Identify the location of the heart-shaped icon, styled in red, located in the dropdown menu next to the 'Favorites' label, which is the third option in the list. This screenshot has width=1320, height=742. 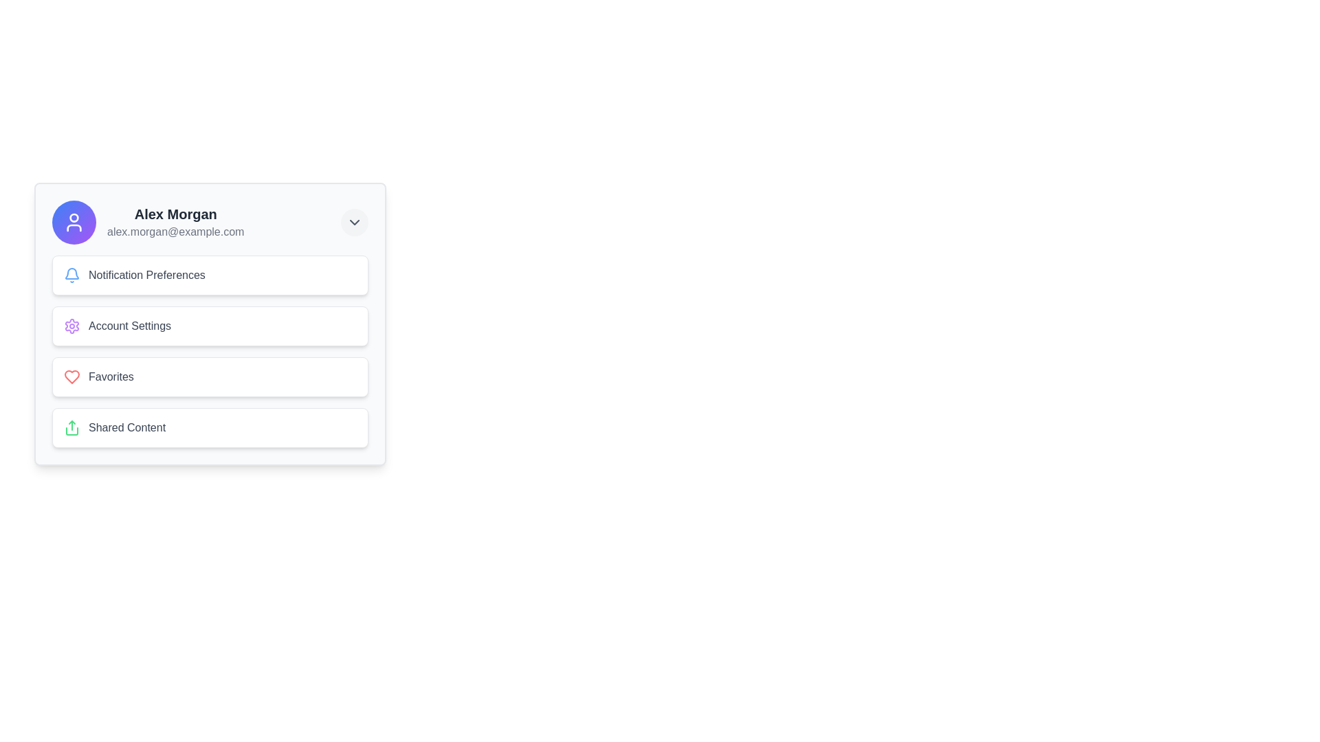
(71, 376).